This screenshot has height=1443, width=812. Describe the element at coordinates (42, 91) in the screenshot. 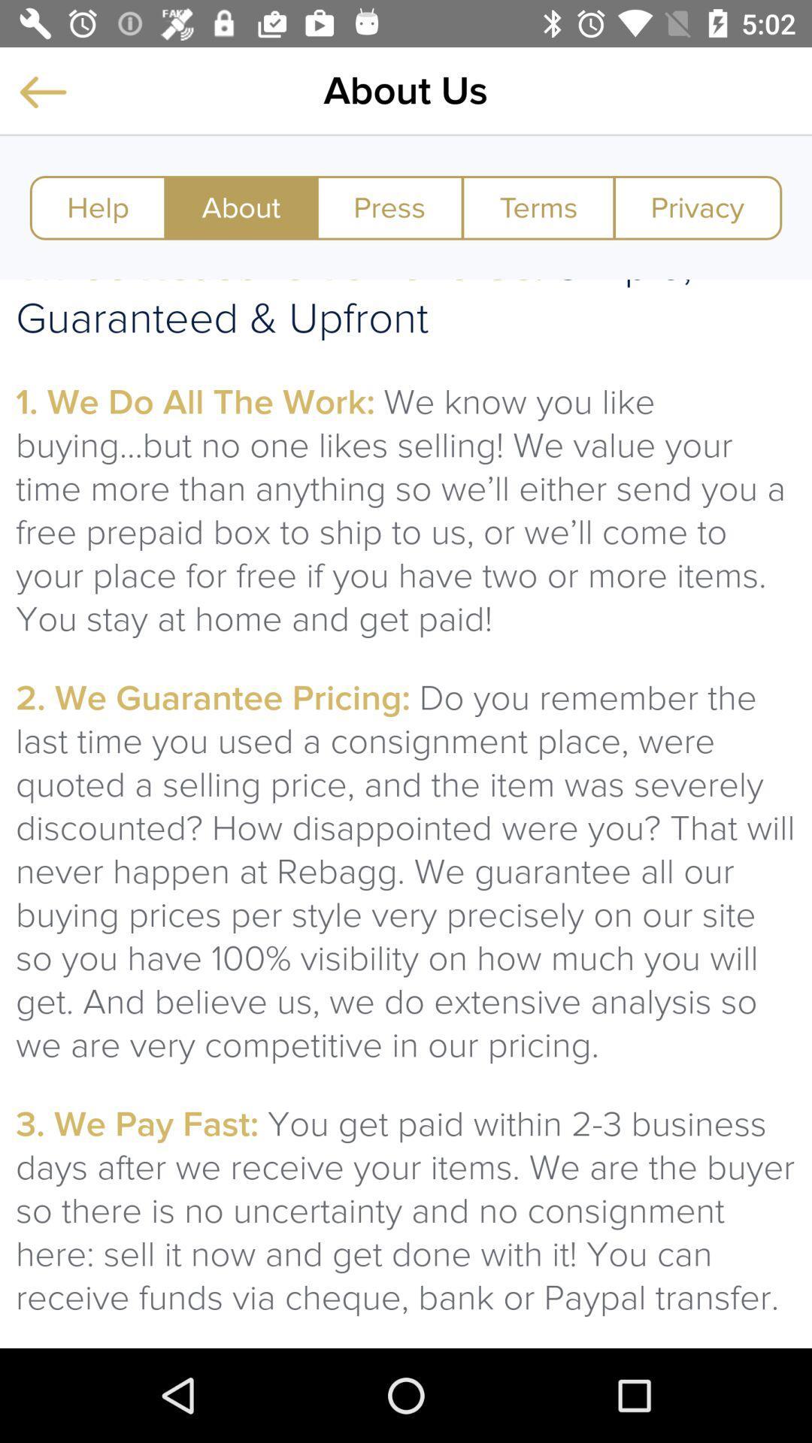

I see `the arrow_backward icon` at that location.